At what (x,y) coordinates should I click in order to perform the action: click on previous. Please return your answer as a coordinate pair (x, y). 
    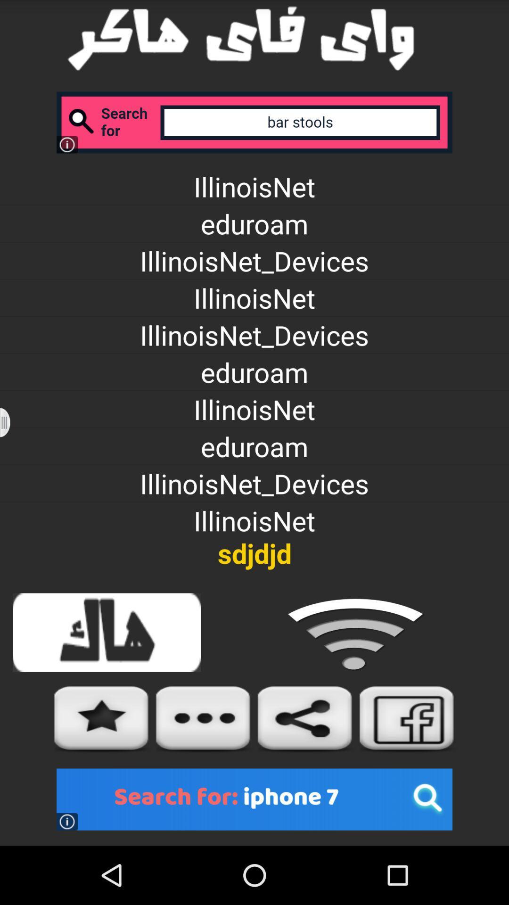
    Looking at the image, I should click on (11, 422).